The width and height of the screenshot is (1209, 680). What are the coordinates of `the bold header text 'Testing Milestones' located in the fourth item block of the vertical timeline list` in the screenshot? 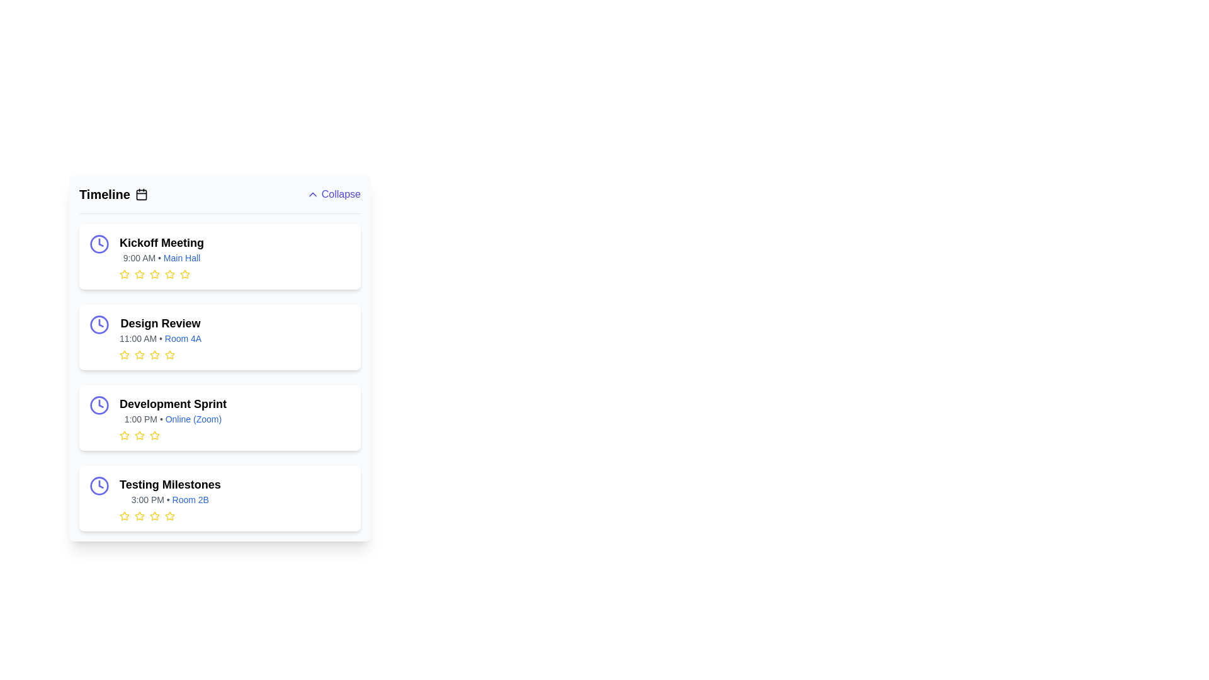 It's located at (169, 484).